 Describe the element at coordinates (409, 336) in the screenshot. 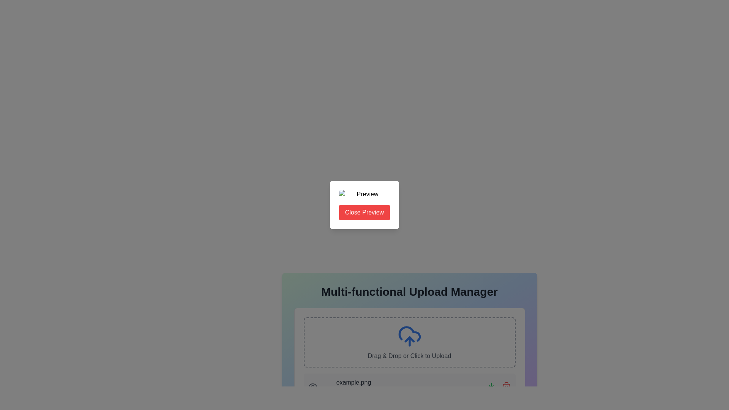

I see `the cloud-shaped upload icon with an upward-pointing arrow, which is located above the 'Drag & Drop or Click to Upload' text in the file upload interface` at that location.